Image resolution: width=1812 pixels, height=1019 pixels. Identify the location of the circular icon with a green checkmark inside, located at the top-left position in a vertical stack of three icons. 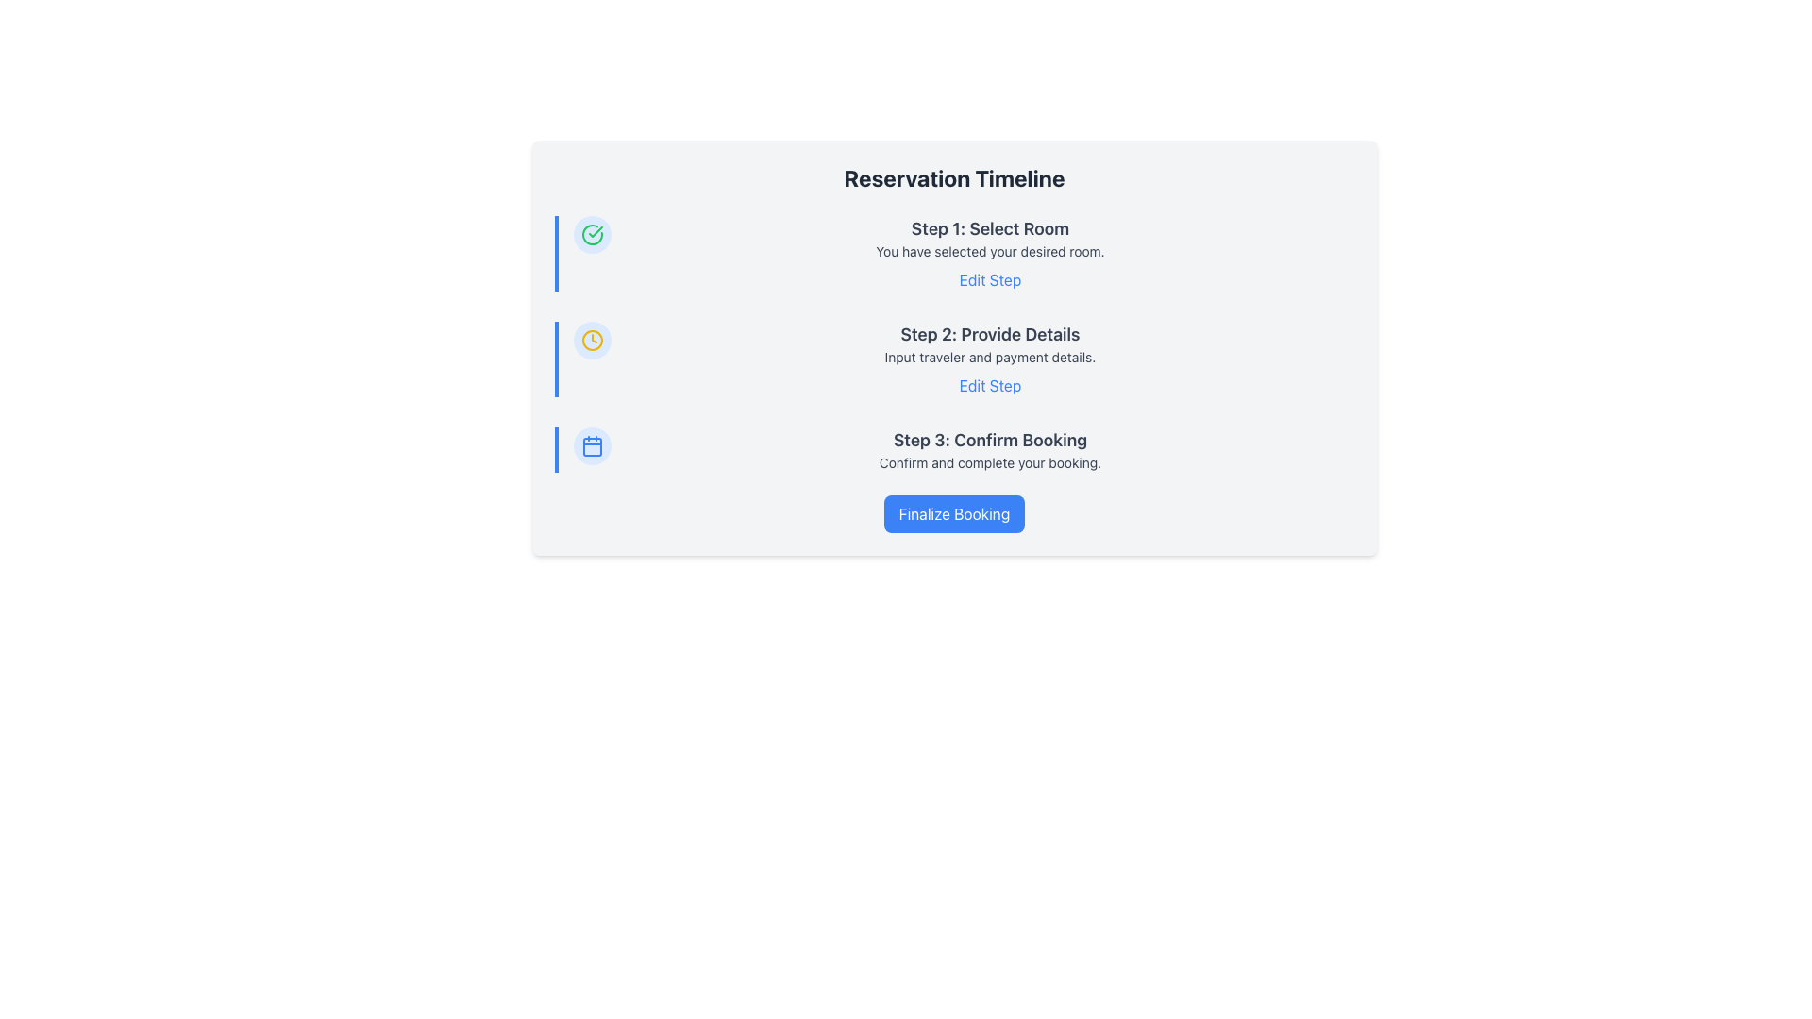
(591, 234).